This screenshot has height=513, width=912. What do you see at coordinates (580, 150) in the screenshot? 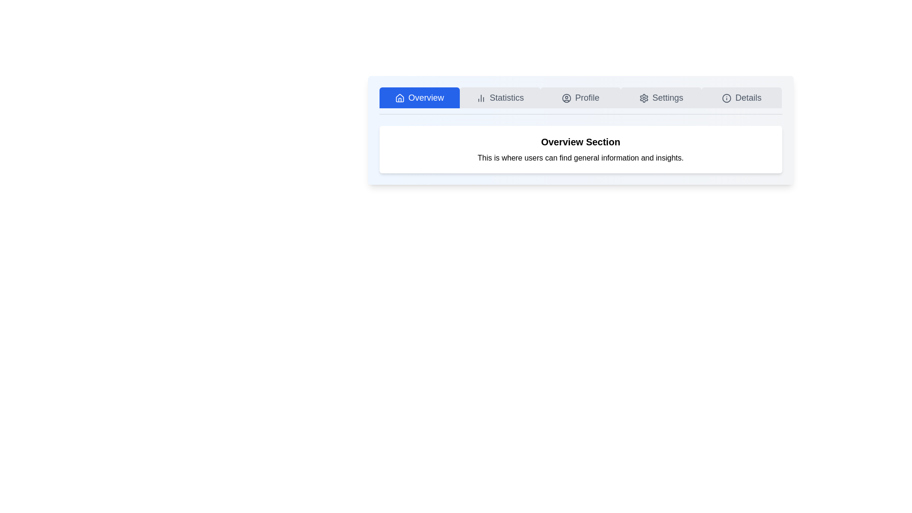
I see `the Informational Text Section, which is a white rectangular box with rounded corners containing the text 'Overview Section' and a description below it` at bounding box center [580, 150].